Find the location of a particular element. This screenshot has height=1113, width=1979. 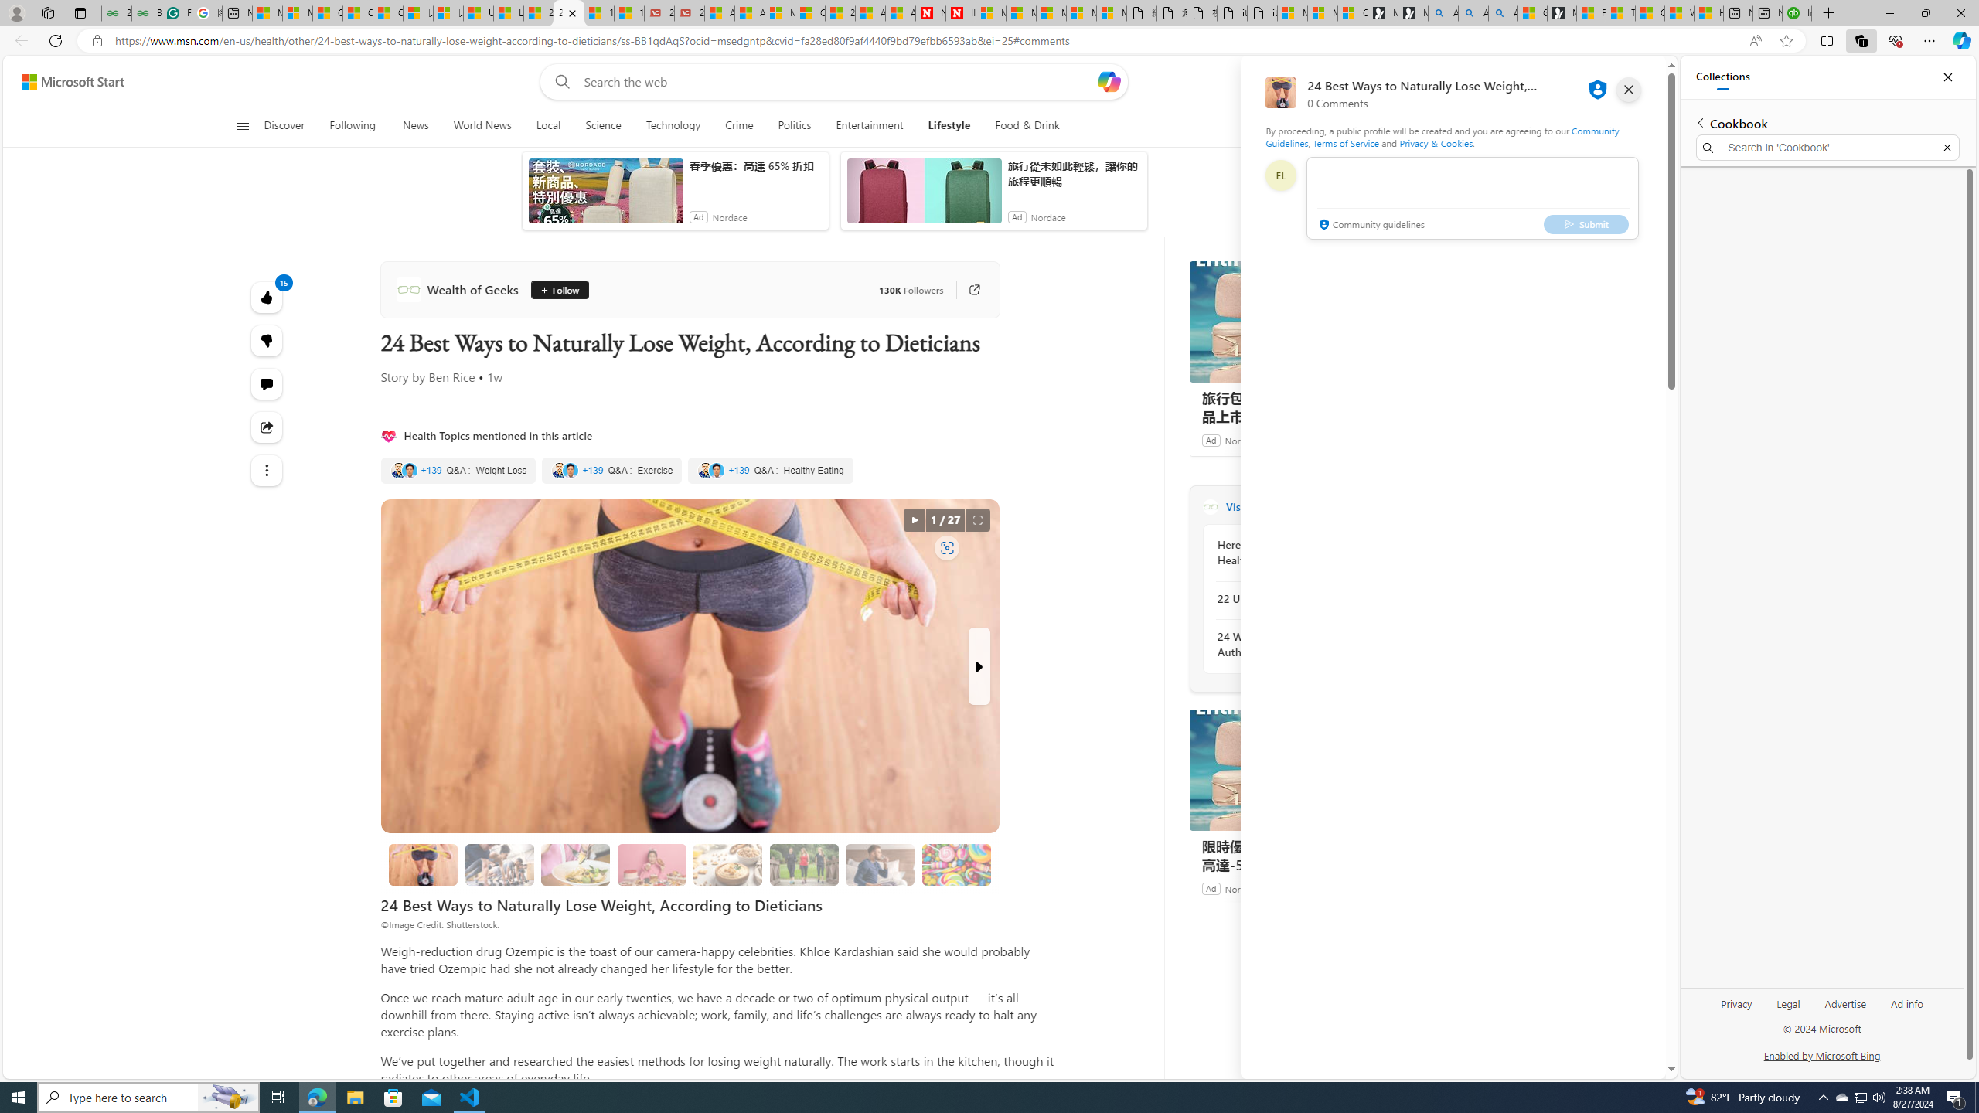

'2. Reduce Your Plate Size' is located at coordinates (574, 864).